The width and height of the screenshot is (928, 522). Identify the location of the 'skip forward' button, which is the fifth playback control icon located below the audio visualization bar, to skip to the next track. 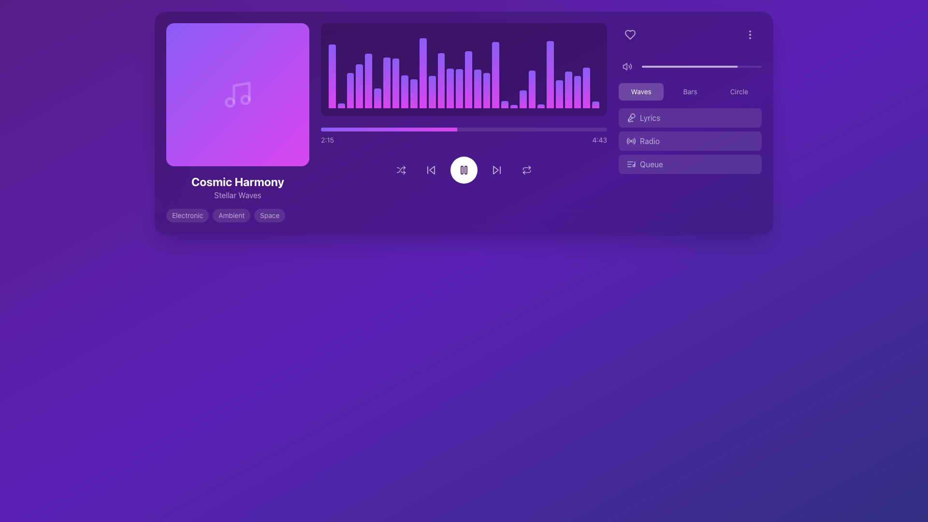
(496, 169).